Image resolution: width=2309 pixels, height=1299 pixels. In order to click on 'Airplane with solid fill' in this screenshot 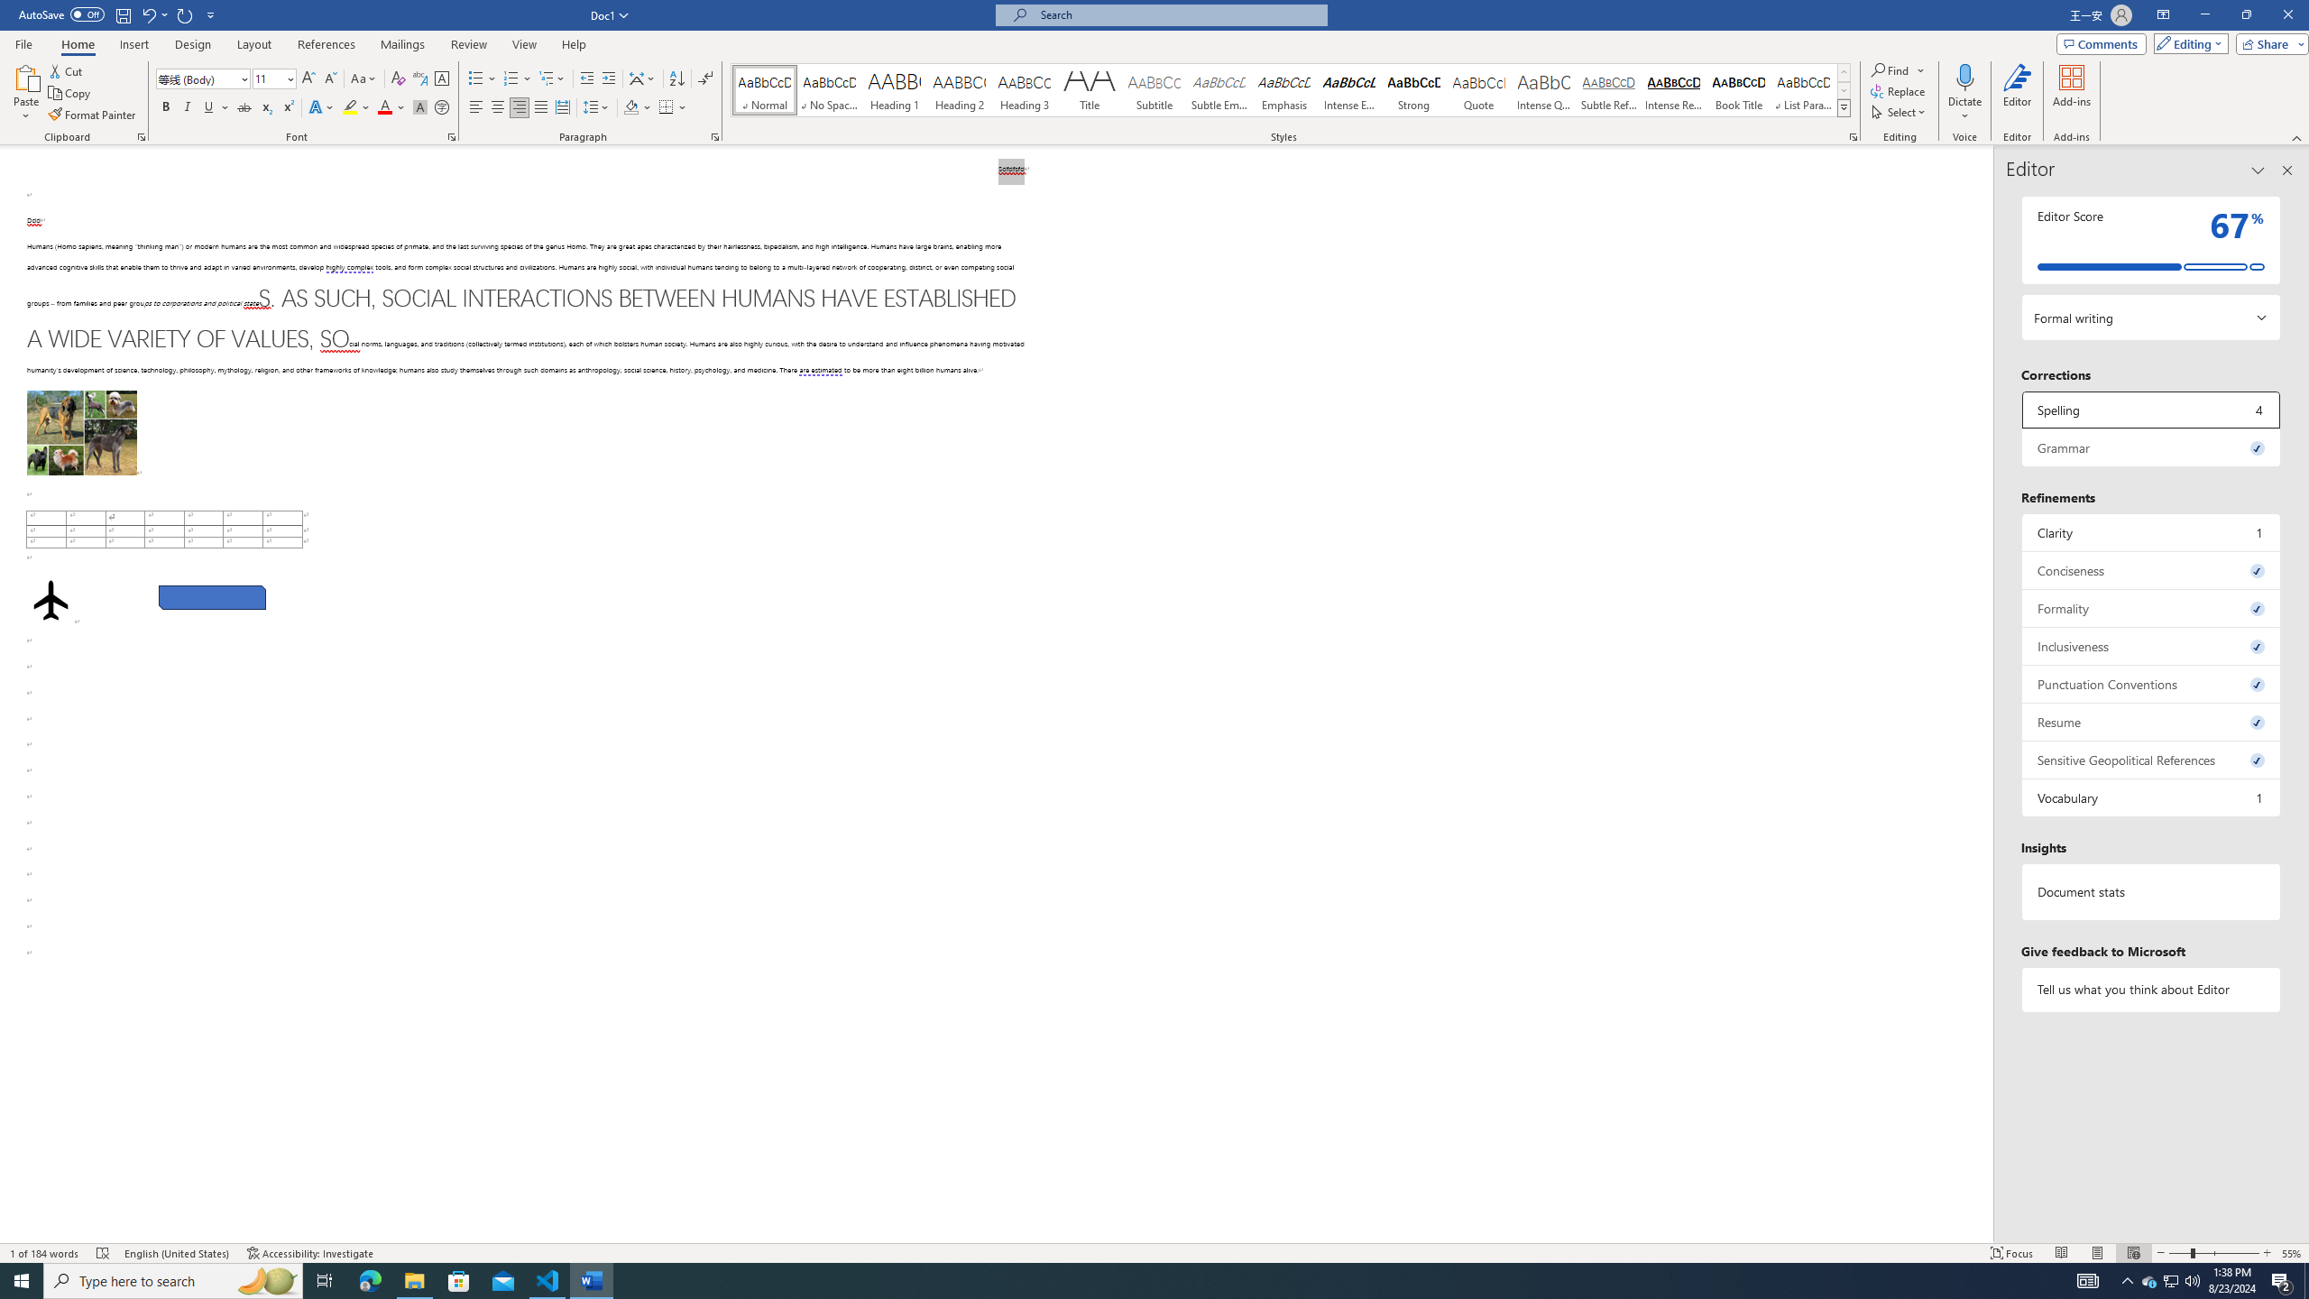, I will do `click(51, 601)`.